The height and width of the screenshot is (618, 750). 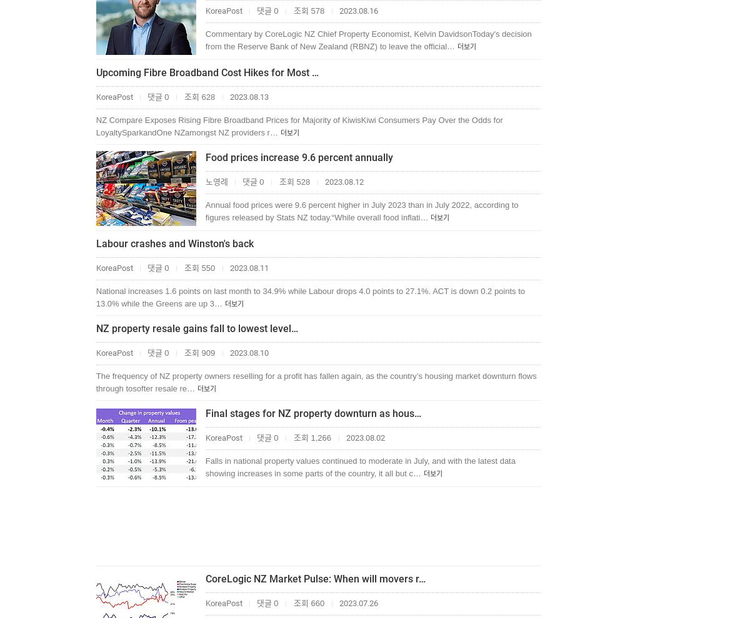 I want to click on '2023.08.10', so click(x=247, y=353).